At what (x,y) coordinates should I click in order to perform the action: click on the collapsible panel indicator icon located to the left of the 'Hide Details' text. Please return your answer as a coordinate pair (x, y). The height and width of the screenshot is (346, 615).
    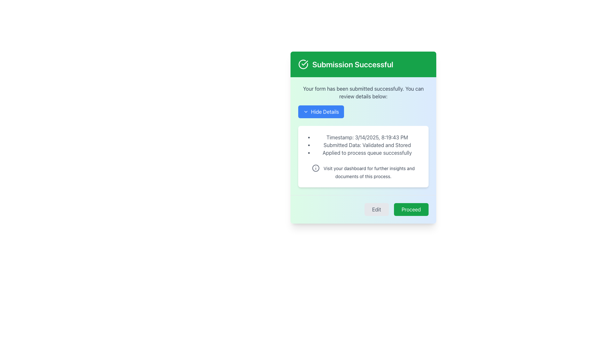
    Looking at the image, I should click on (306, 111).